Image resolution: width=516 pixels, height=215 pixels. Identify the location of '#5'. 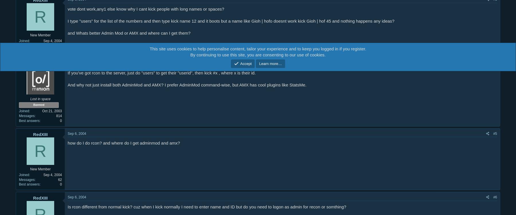
(495, 133).